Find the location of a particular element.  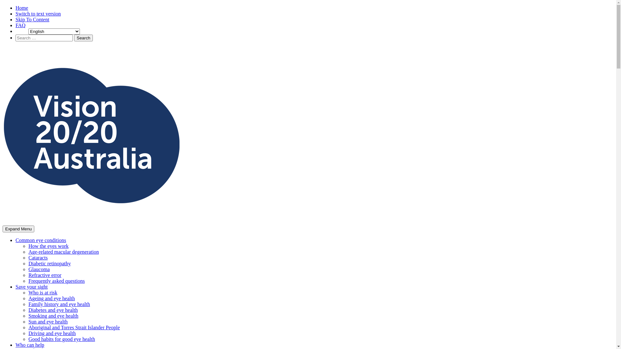

'Sun and eye health' is located at coordinates (28, 322).